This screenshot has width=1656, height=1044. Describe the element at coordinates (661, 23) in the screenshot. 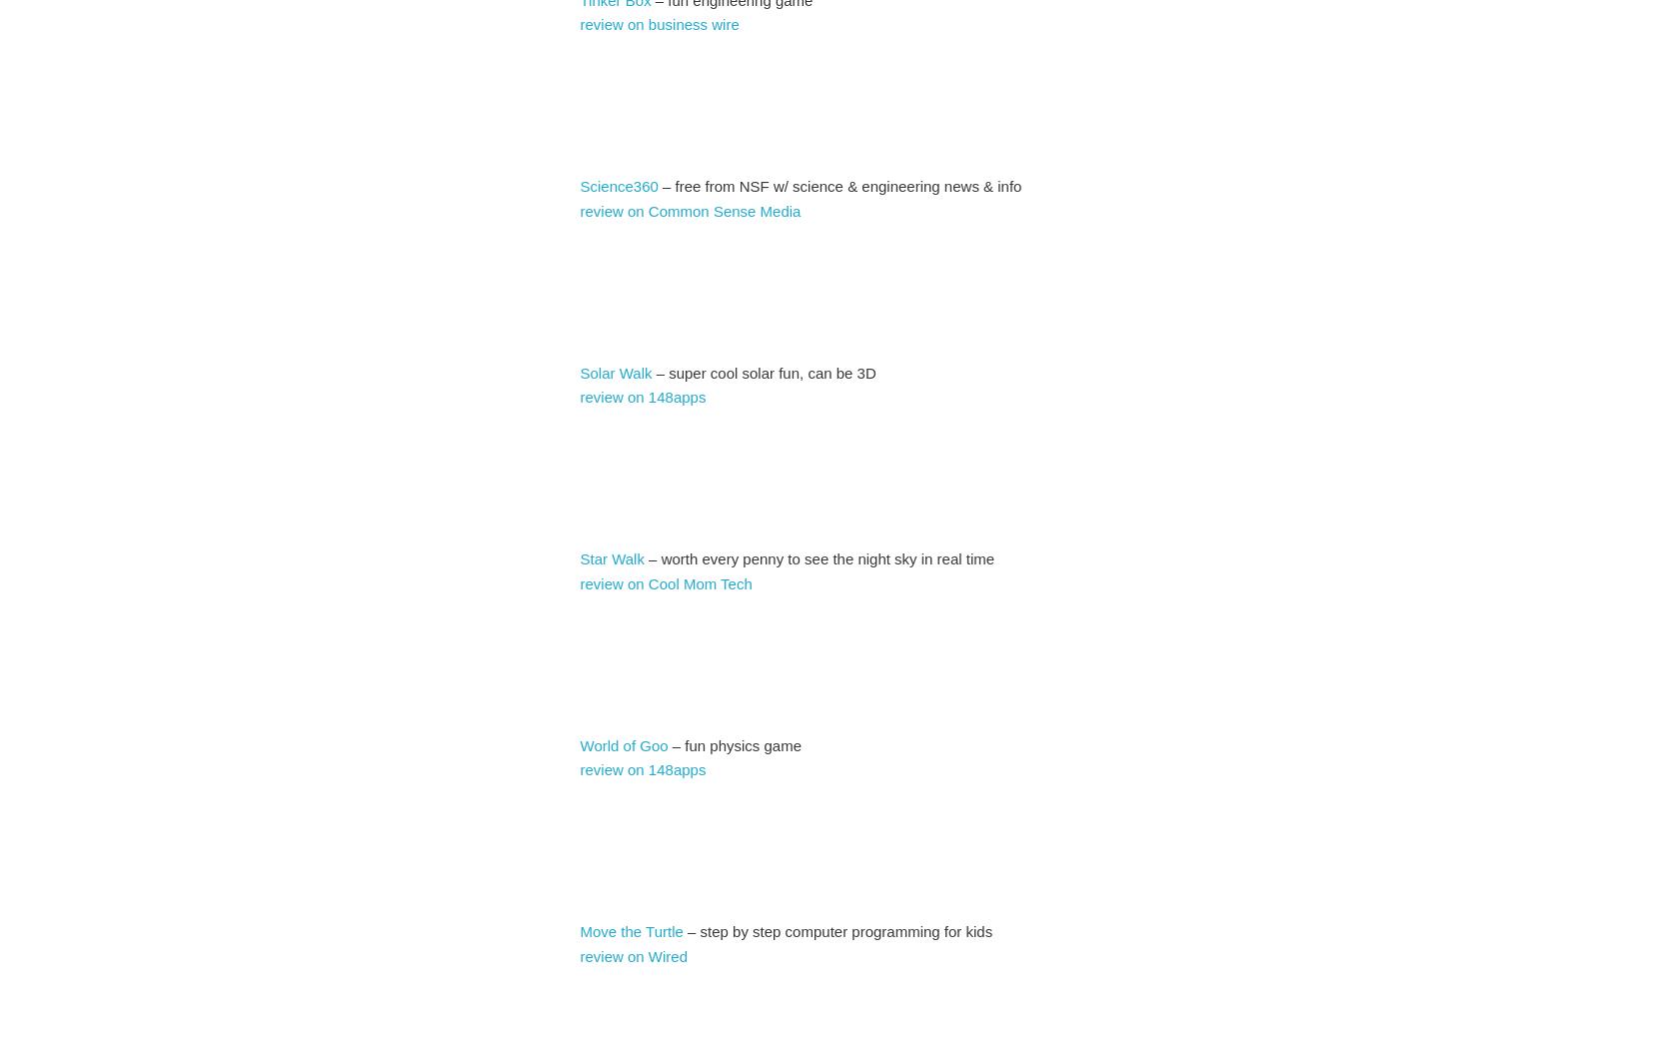

I see `'review on business wire'` at that location.